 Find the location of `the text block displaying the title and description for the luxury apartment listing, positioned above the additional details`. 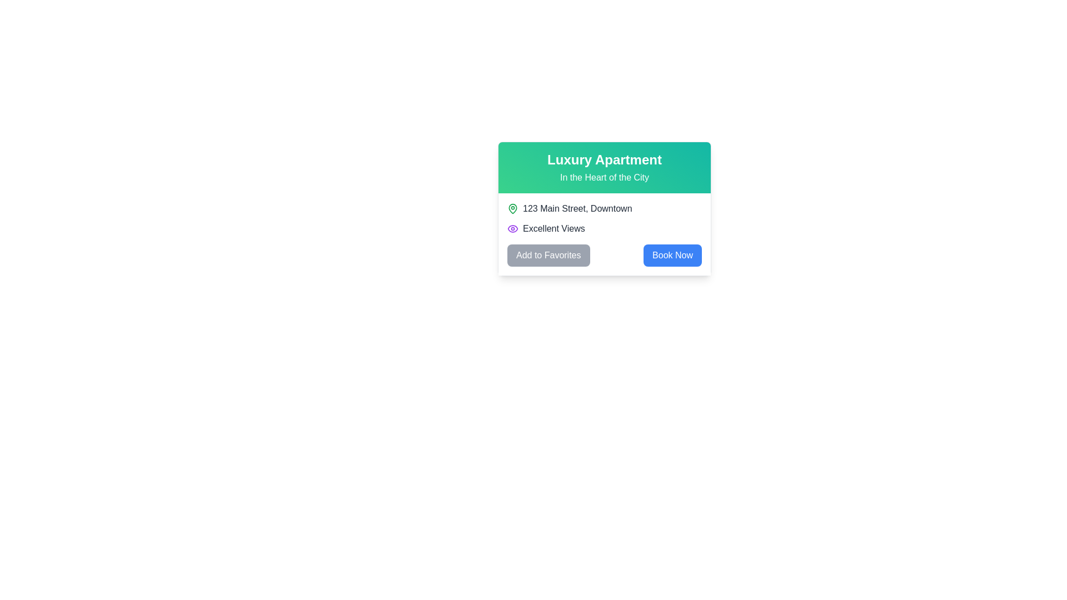

the text block displaying the title and description for the luxury apartment listing, positioned above the additional details is located at coordinates (604, 167).